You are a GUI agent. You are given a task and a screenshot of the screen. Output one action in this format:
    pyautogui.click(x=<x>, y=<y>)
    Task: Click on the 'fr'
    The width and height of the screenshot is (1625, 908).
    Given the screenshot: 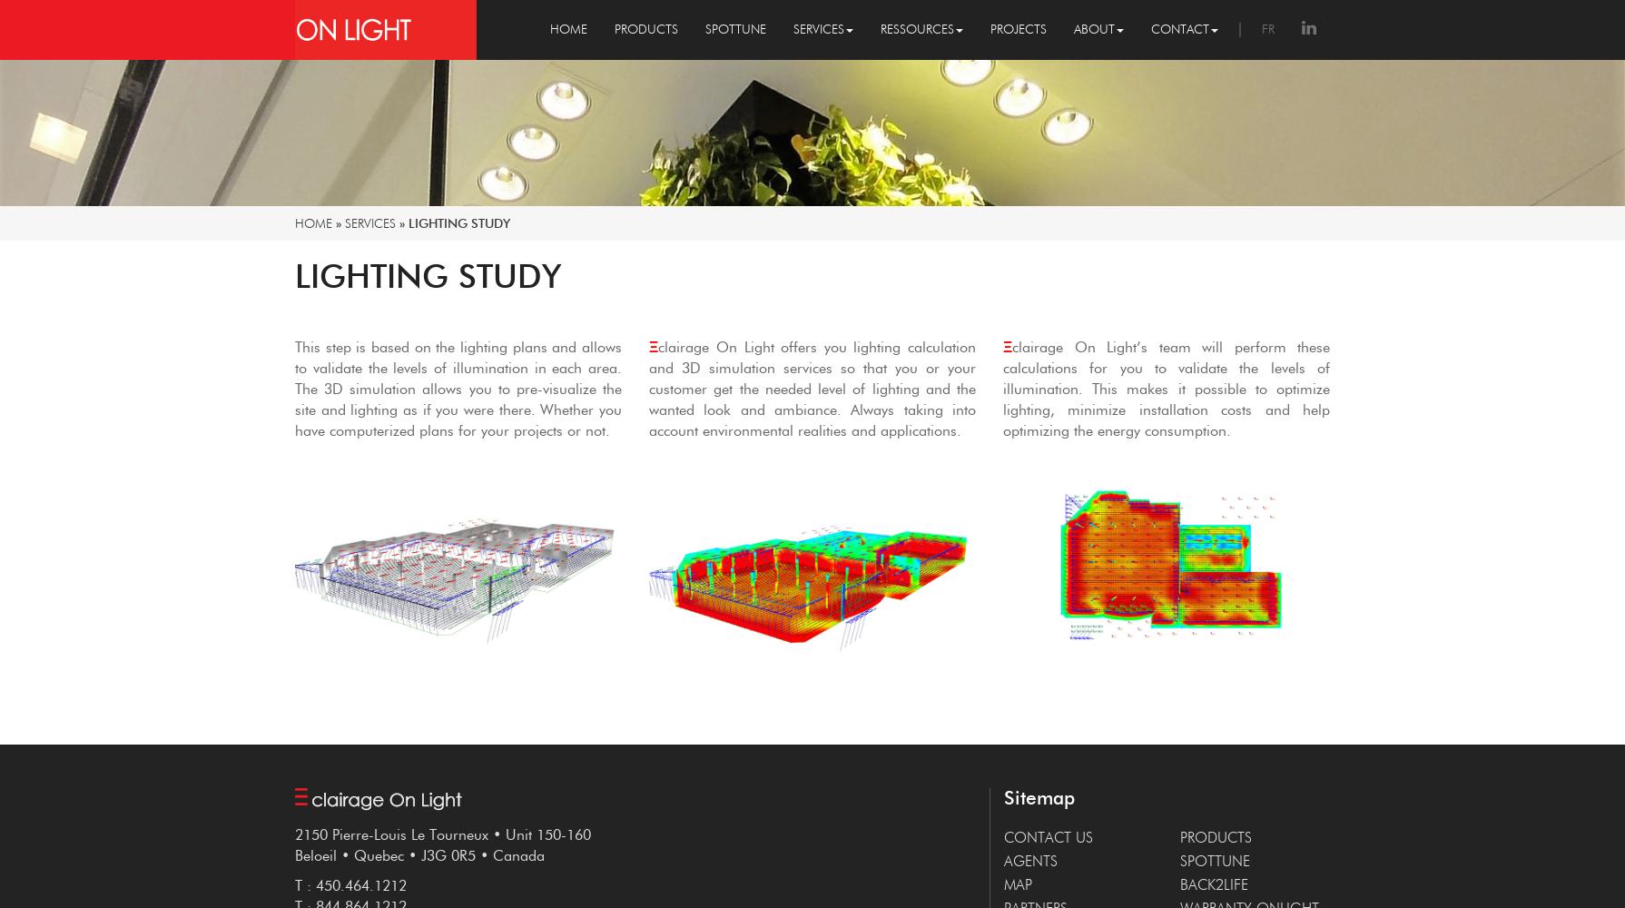 What is the action you would take?
    pyautogui.click(x=1266, y=28)
    